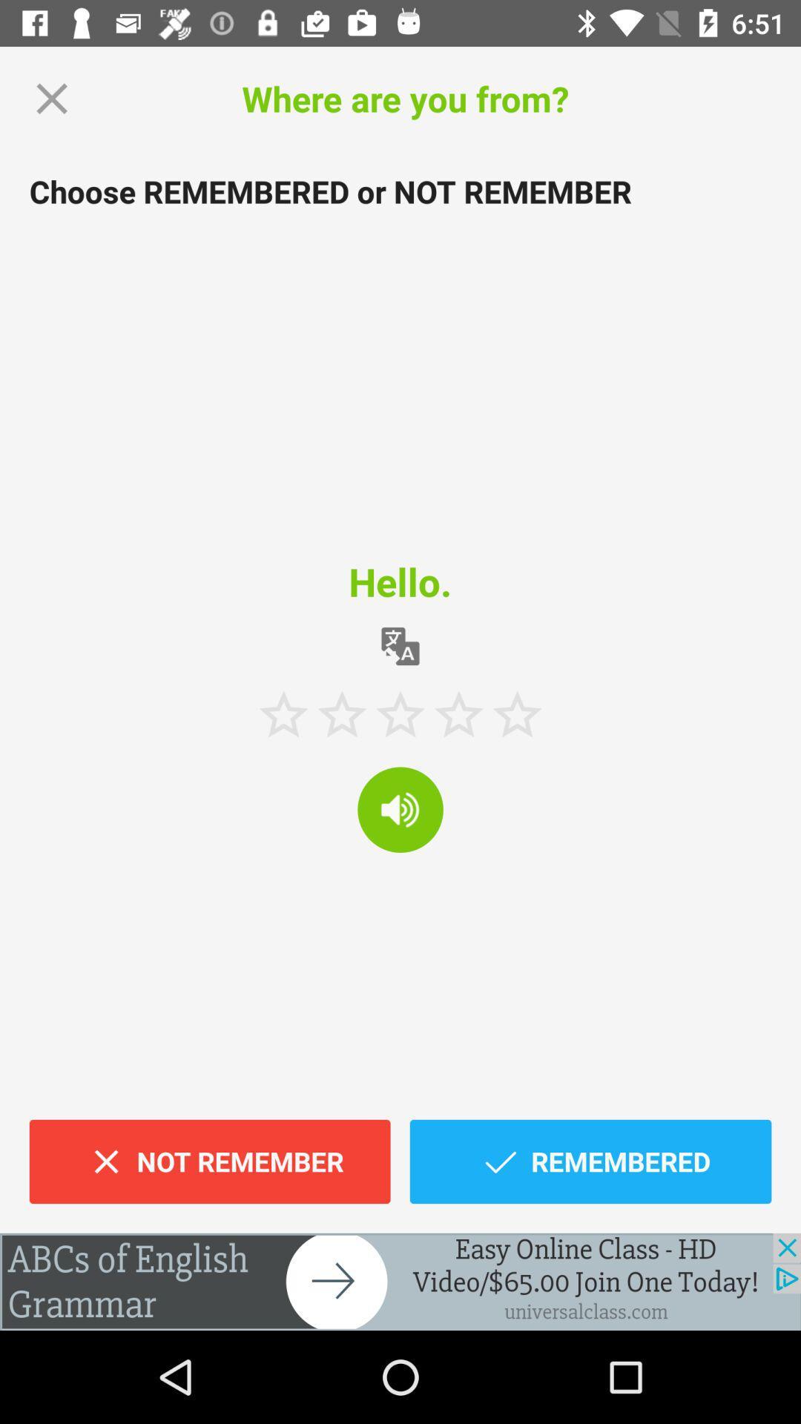 The image size is (801, 1424). Describe the element at coordinates (51, 98) in the screenshot. I see `the close icon` at that location.